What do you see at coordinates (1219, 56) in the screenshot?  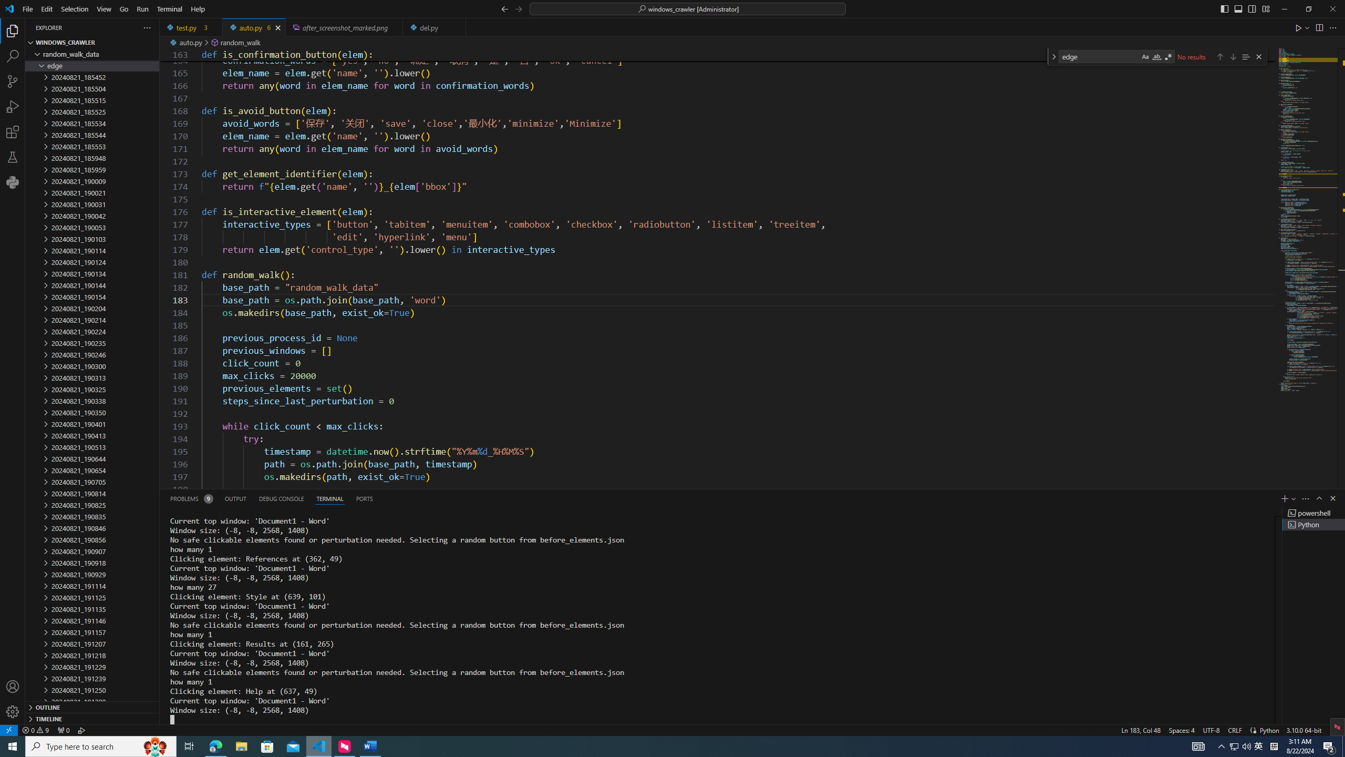 I see `'Previous Match (Shift+Enter)'` at bounding box center [1219, 56].